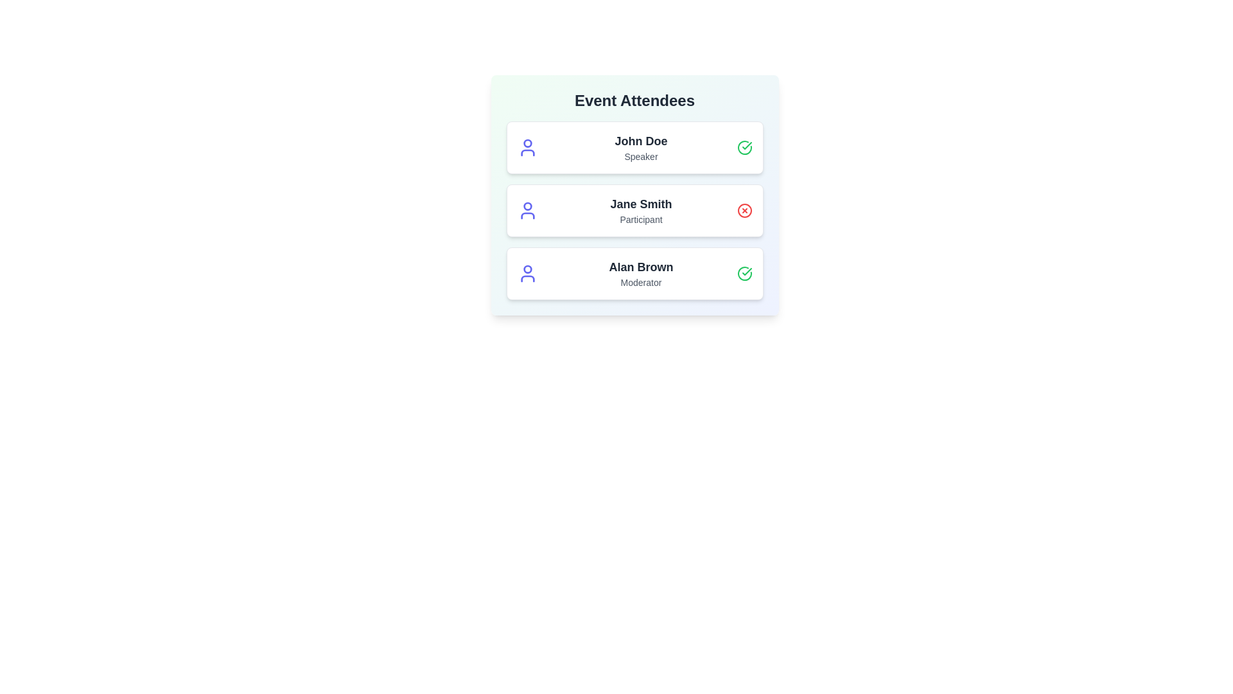 The height and width of the screenshot is (694, 1233). I want to click on the attendee card for John Doe, so click(634, 147).